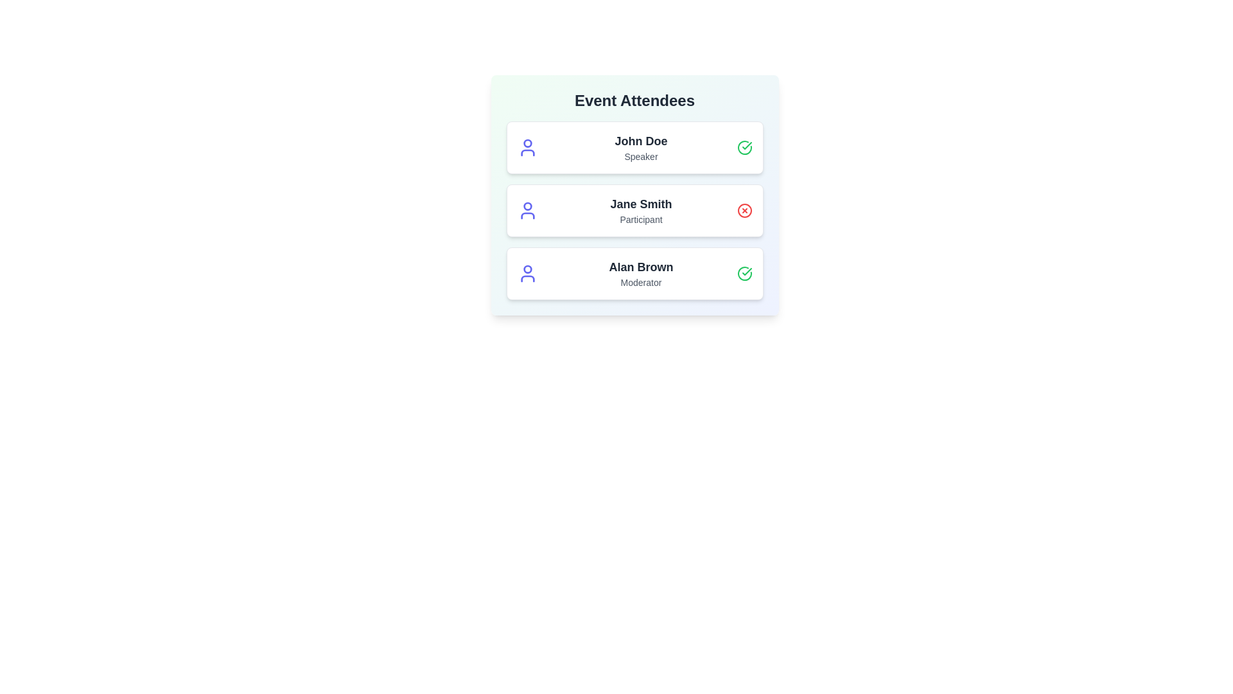 The height and width of the screenshot is (694, 1233). I want to click on the attendee card for John Doe, so click(634, 147).